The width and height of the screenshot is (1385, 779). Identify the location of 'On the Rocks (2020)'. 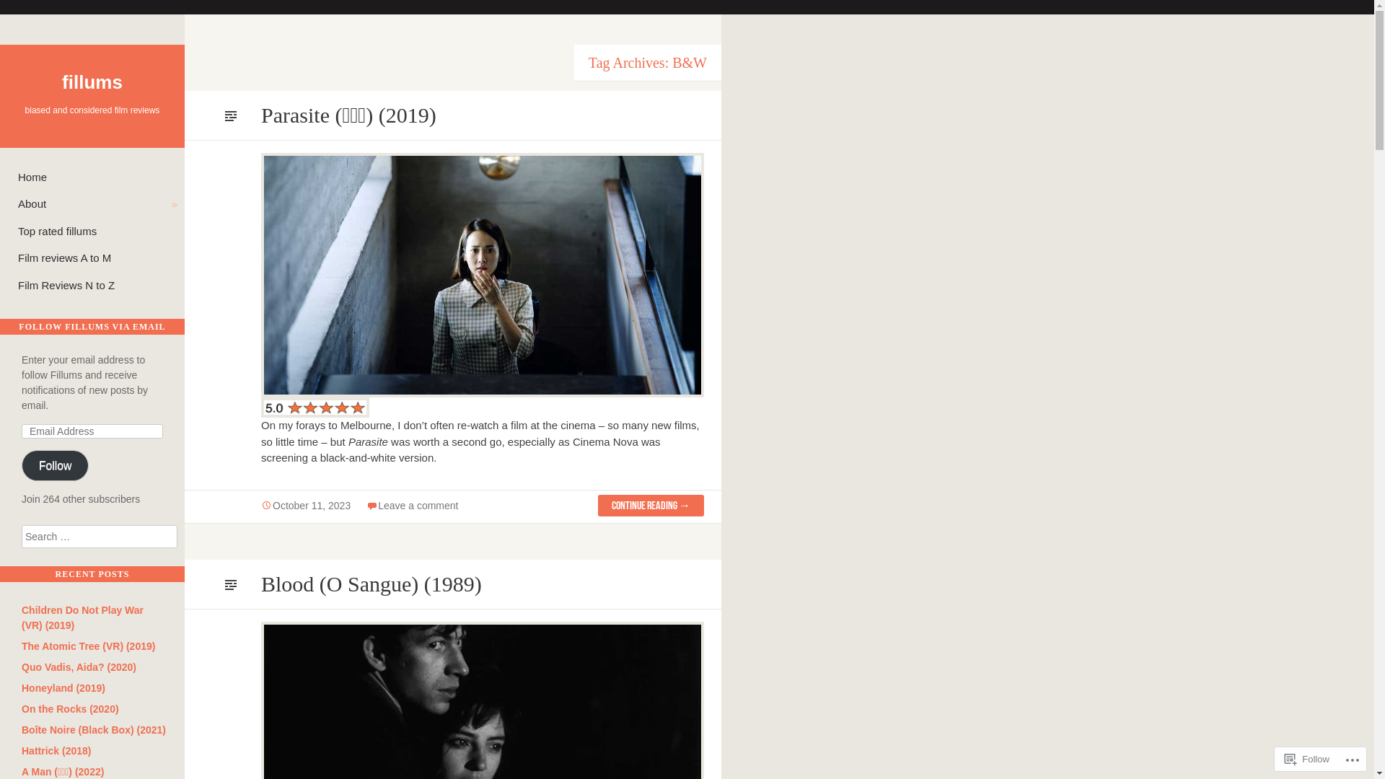
(69, 708).